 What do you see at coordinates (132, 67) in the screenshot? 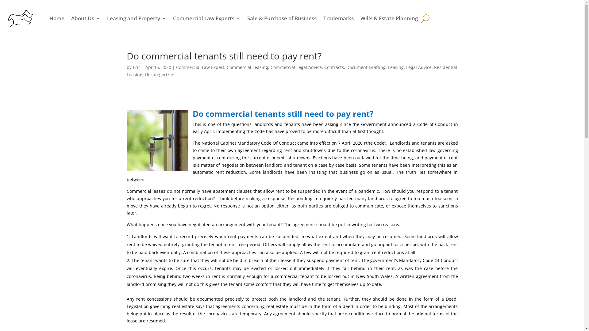
I see `'Eric'` at bounding box center [132, 67].